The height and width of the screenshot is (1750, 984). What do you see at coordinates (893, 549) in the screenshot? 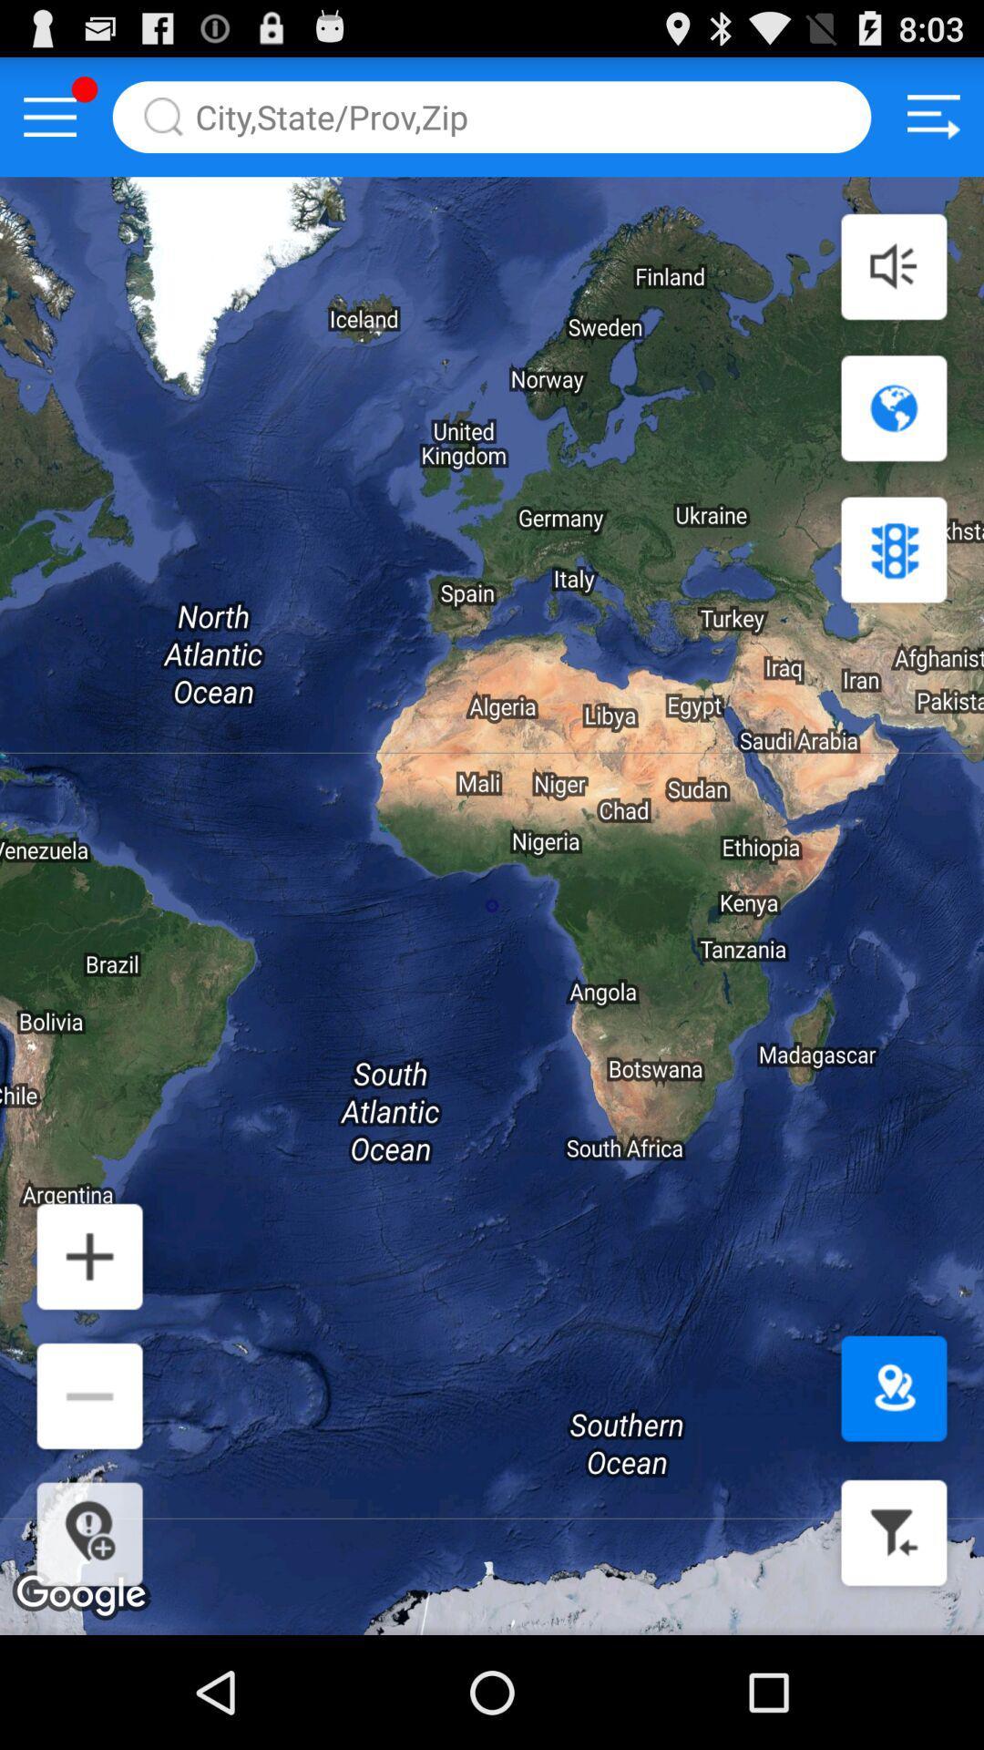
I see `he traffic lights signal icon at the right side of the page` at bounding box center [893, 549].